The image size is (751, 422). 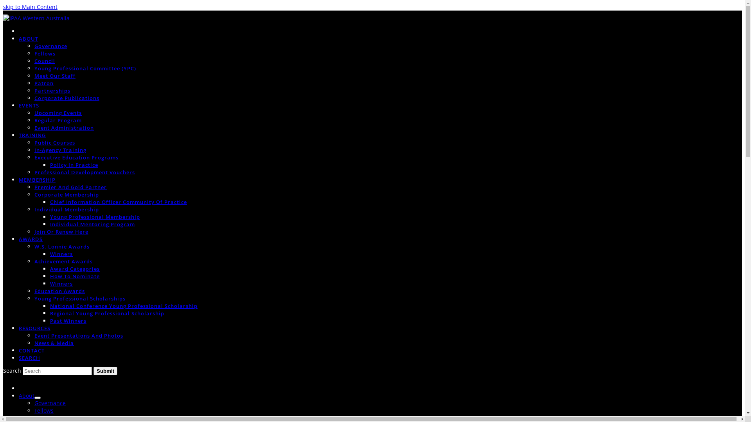 I want to click on 'SEARCH', so click(x=29, y=358).